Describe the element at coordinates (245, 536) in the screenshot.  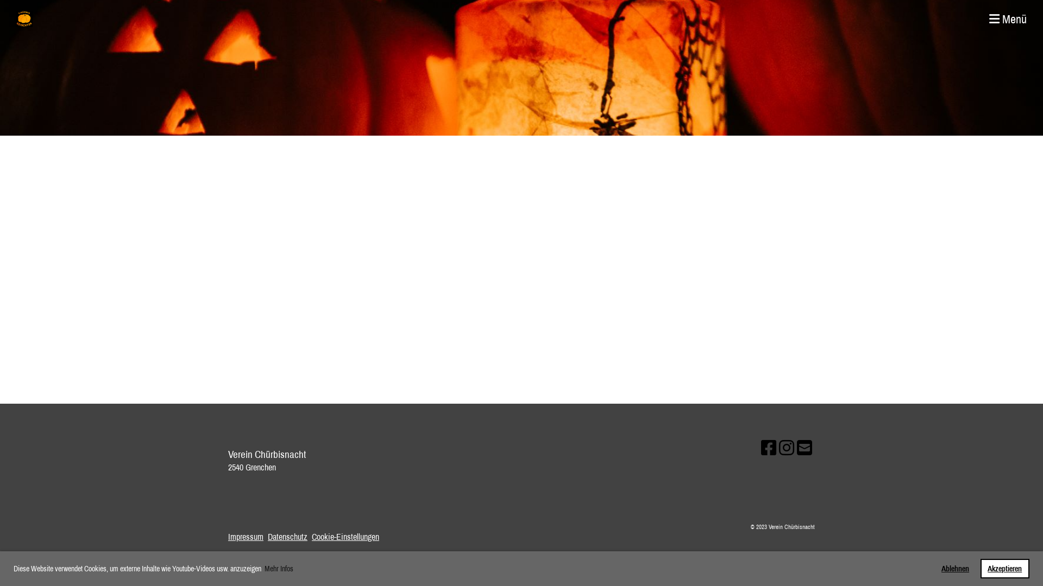
I see `'Impressum'` at that location.